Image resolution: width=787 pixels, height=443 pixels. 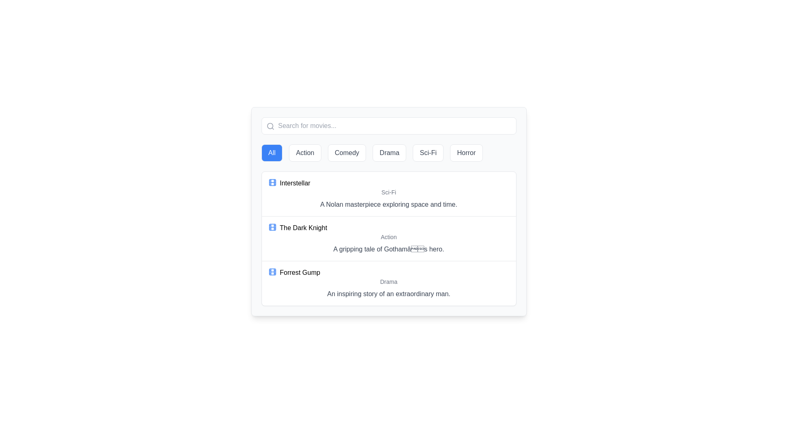 What do you see at coordinates (388, 281) in the screenshot?
I see `the text element displaying 'Drama', which is located beneath the title 'Forrest Gump' and above the description text` at bounding box center [388, 281].